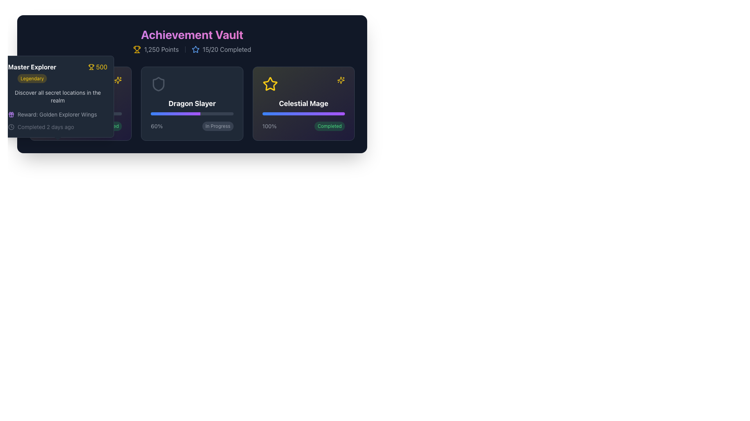 This screenshot has height=421, width=750. I want to click on the shield icon that symbolizes the 'Dragon Slayer' achievement located in the upper middle section of the achievement card, positioned above the progress bar and to the left of the card's title, so click(158, 84).